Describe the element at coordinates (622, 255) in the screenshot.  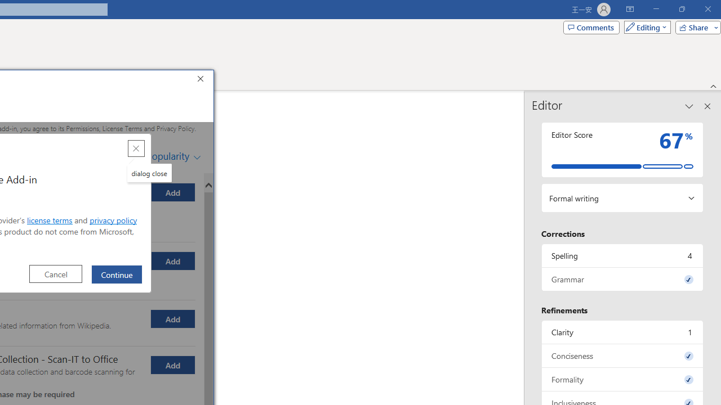
I see `'Spelling, 4 issues. Press space or enter to review items.'` at that location.